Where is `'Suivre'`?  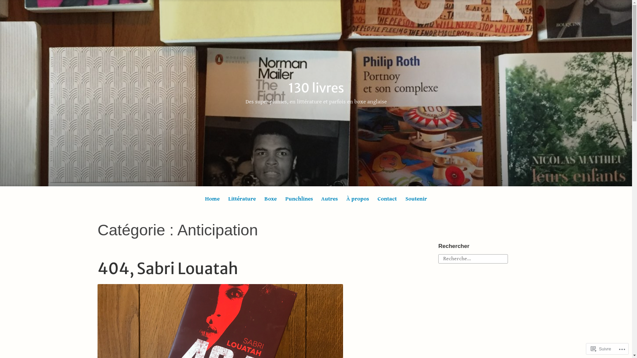 'Suivre' is located at coordinates (601, 348).